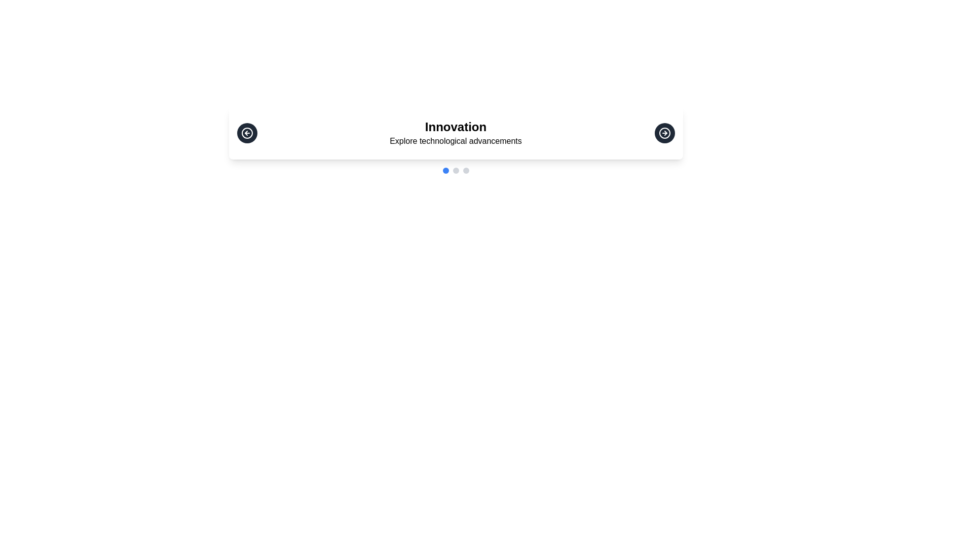  Describe the element at coordinates (664, 132) in the screenshot. I see `the SVG Circle element, which is a circular shape with a stroke and no fill, located within an icon to the right of a card in the UI, near the header containing 'Innovation'` at that location.